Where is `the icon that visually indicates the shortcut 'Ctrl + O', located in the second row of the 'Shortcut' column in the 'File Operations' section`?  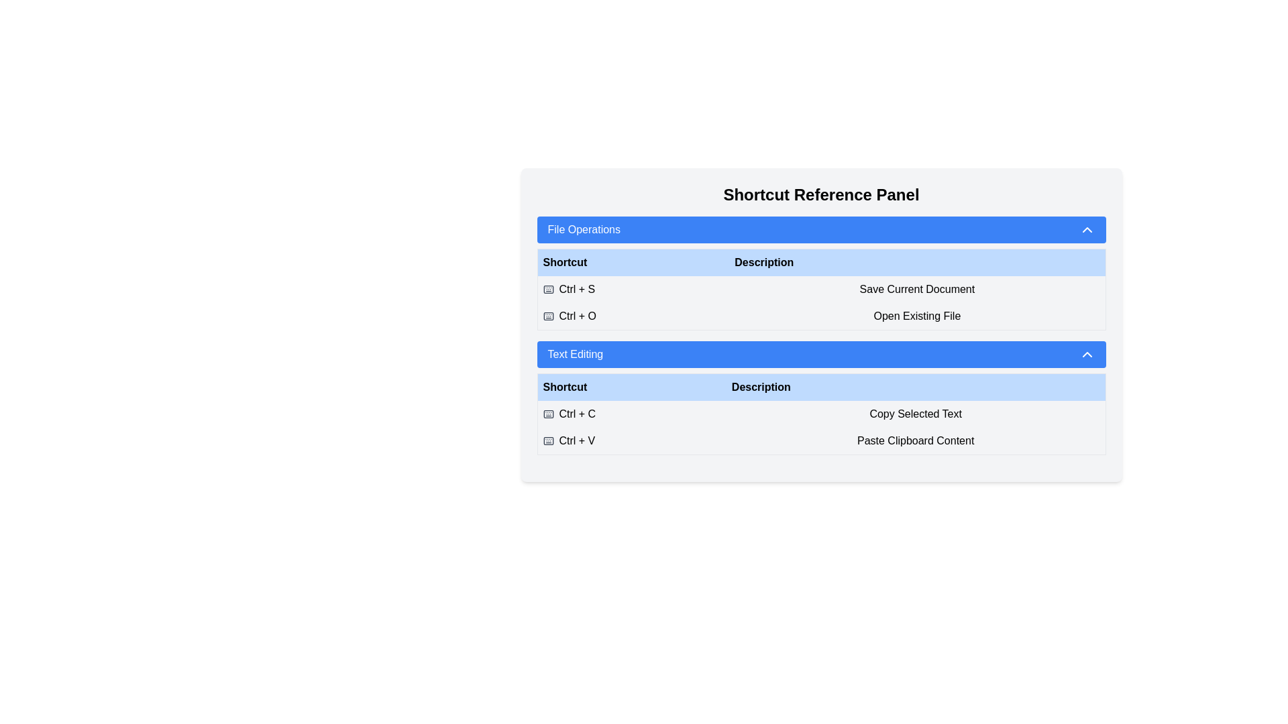
the icon that visually indicates the shortcut 'Ctrl + O', located in the second row of the 'Shortcut' column in the 'File Operations' section is located at coordinates (548, 316).